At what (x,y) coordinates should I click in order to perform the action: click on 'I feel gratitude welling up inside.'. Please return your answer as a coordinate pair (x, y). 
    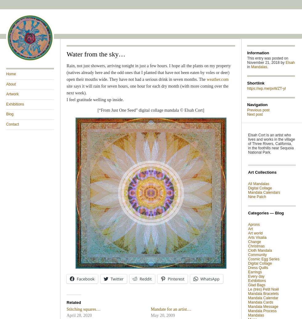
    Looking at the image, I should click on (95, 99).